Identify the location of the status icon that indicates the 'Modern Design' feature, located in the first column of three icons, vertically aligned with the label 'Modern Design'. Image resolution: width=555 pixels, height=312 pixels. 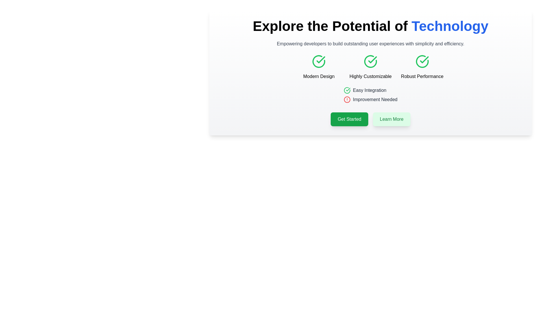
(319, 61).